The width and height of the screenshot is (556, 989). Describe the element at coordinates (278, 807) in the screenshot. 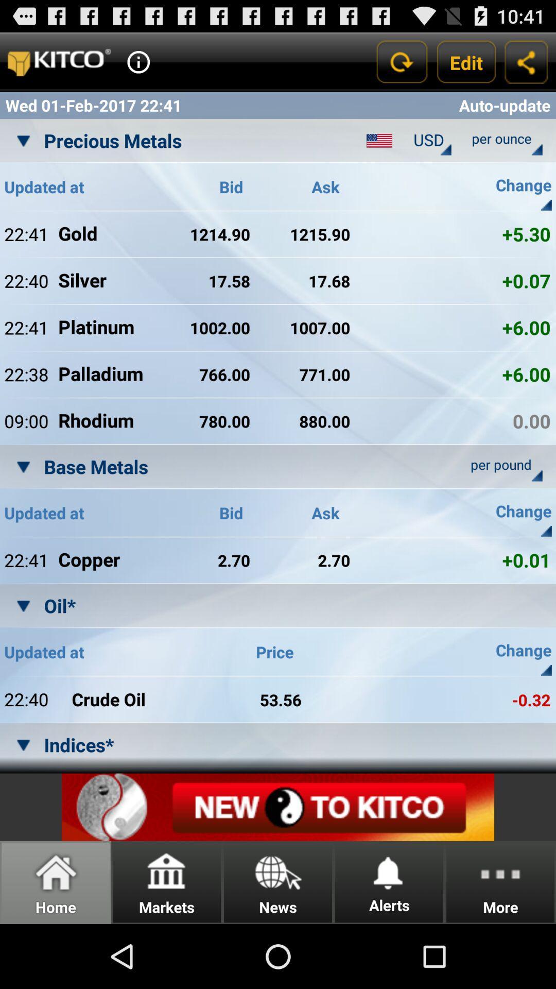

I see `advertisement website` at that location.